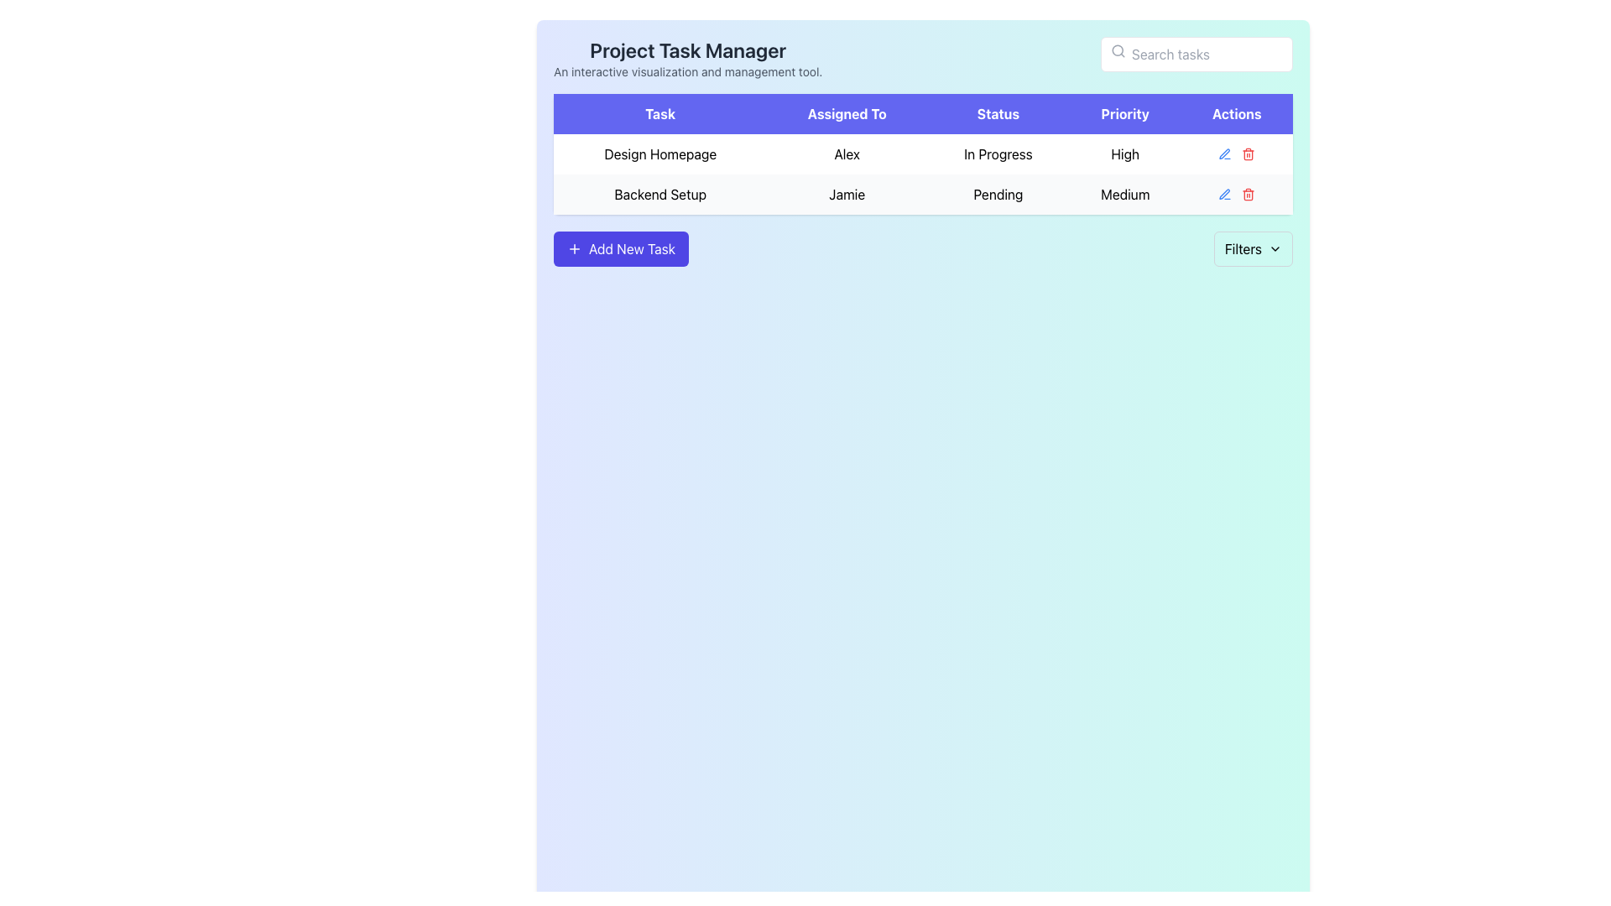 Image resolution: width=1611 pixels, height=906 pixels. Describe the element at coordinates (847, 113) in the screenshot. I see `the 'Assigned To' column header in the table, which describes the individuals assigned to respective tasks` at that location.